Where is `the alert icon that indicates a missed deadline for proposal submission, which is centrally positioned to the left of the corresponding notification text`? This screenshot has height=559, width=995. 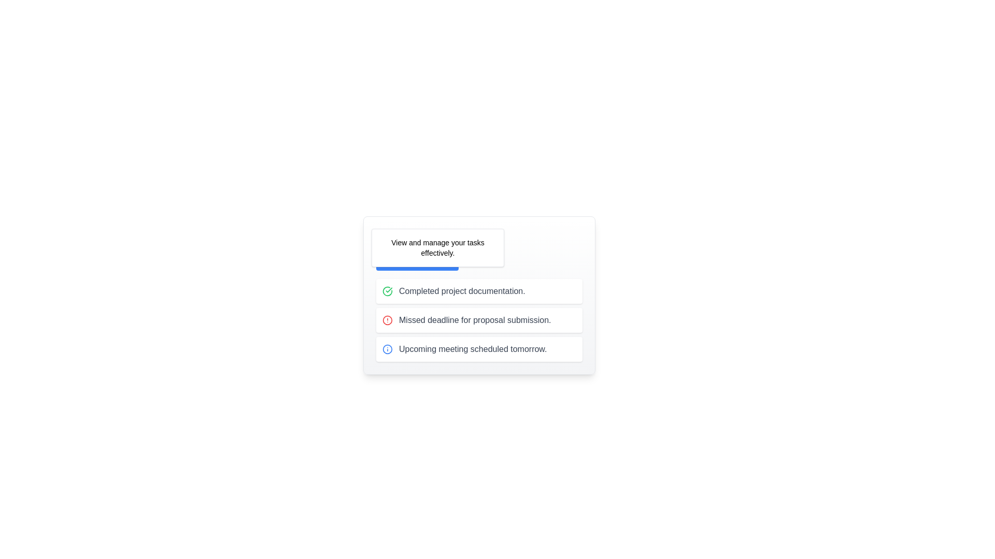 the alert icon that indicates a missed deadline for proposal submission, which is centrally positioned to the left of the corresponding notification text is located at coordinates (387, 319).